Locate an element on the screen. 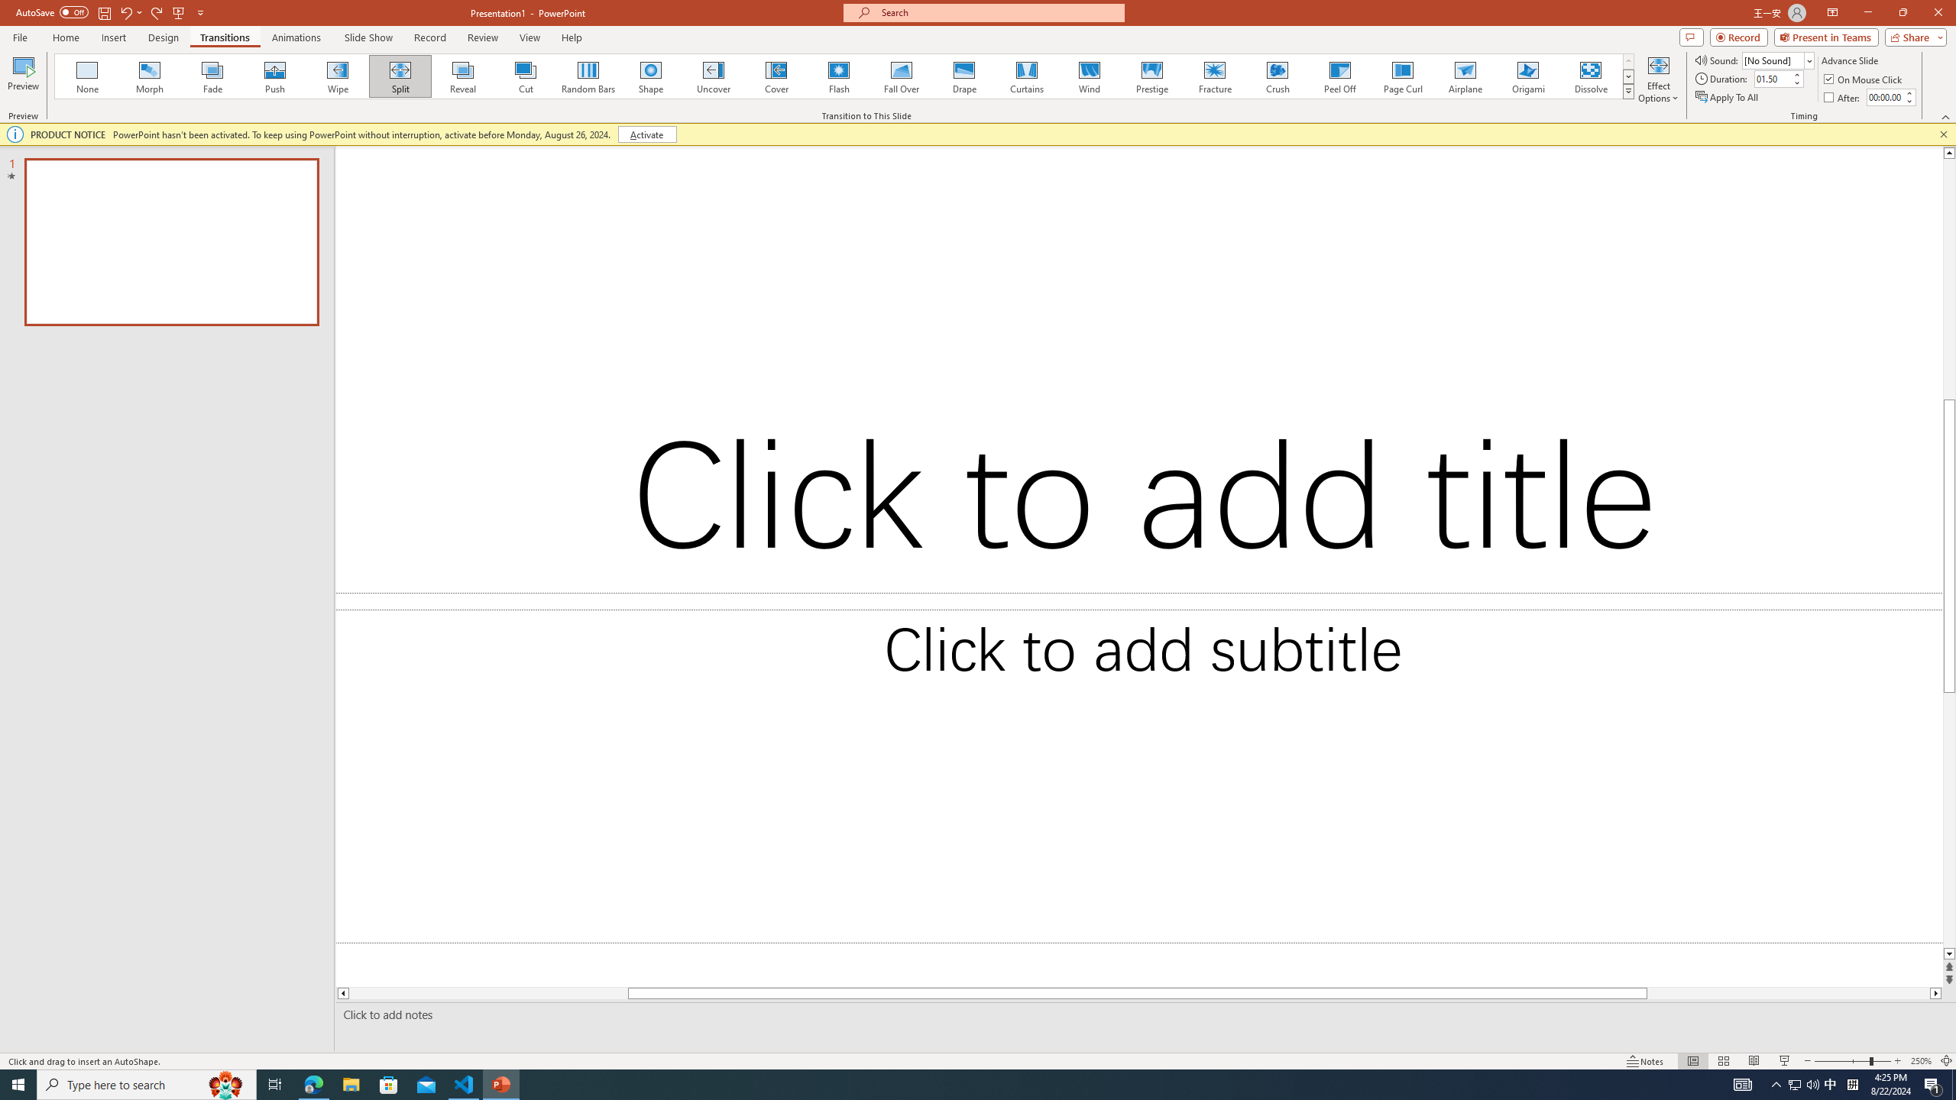 The image size is (1956, 1100). 'Cut' is located at coordinates (526, 76).